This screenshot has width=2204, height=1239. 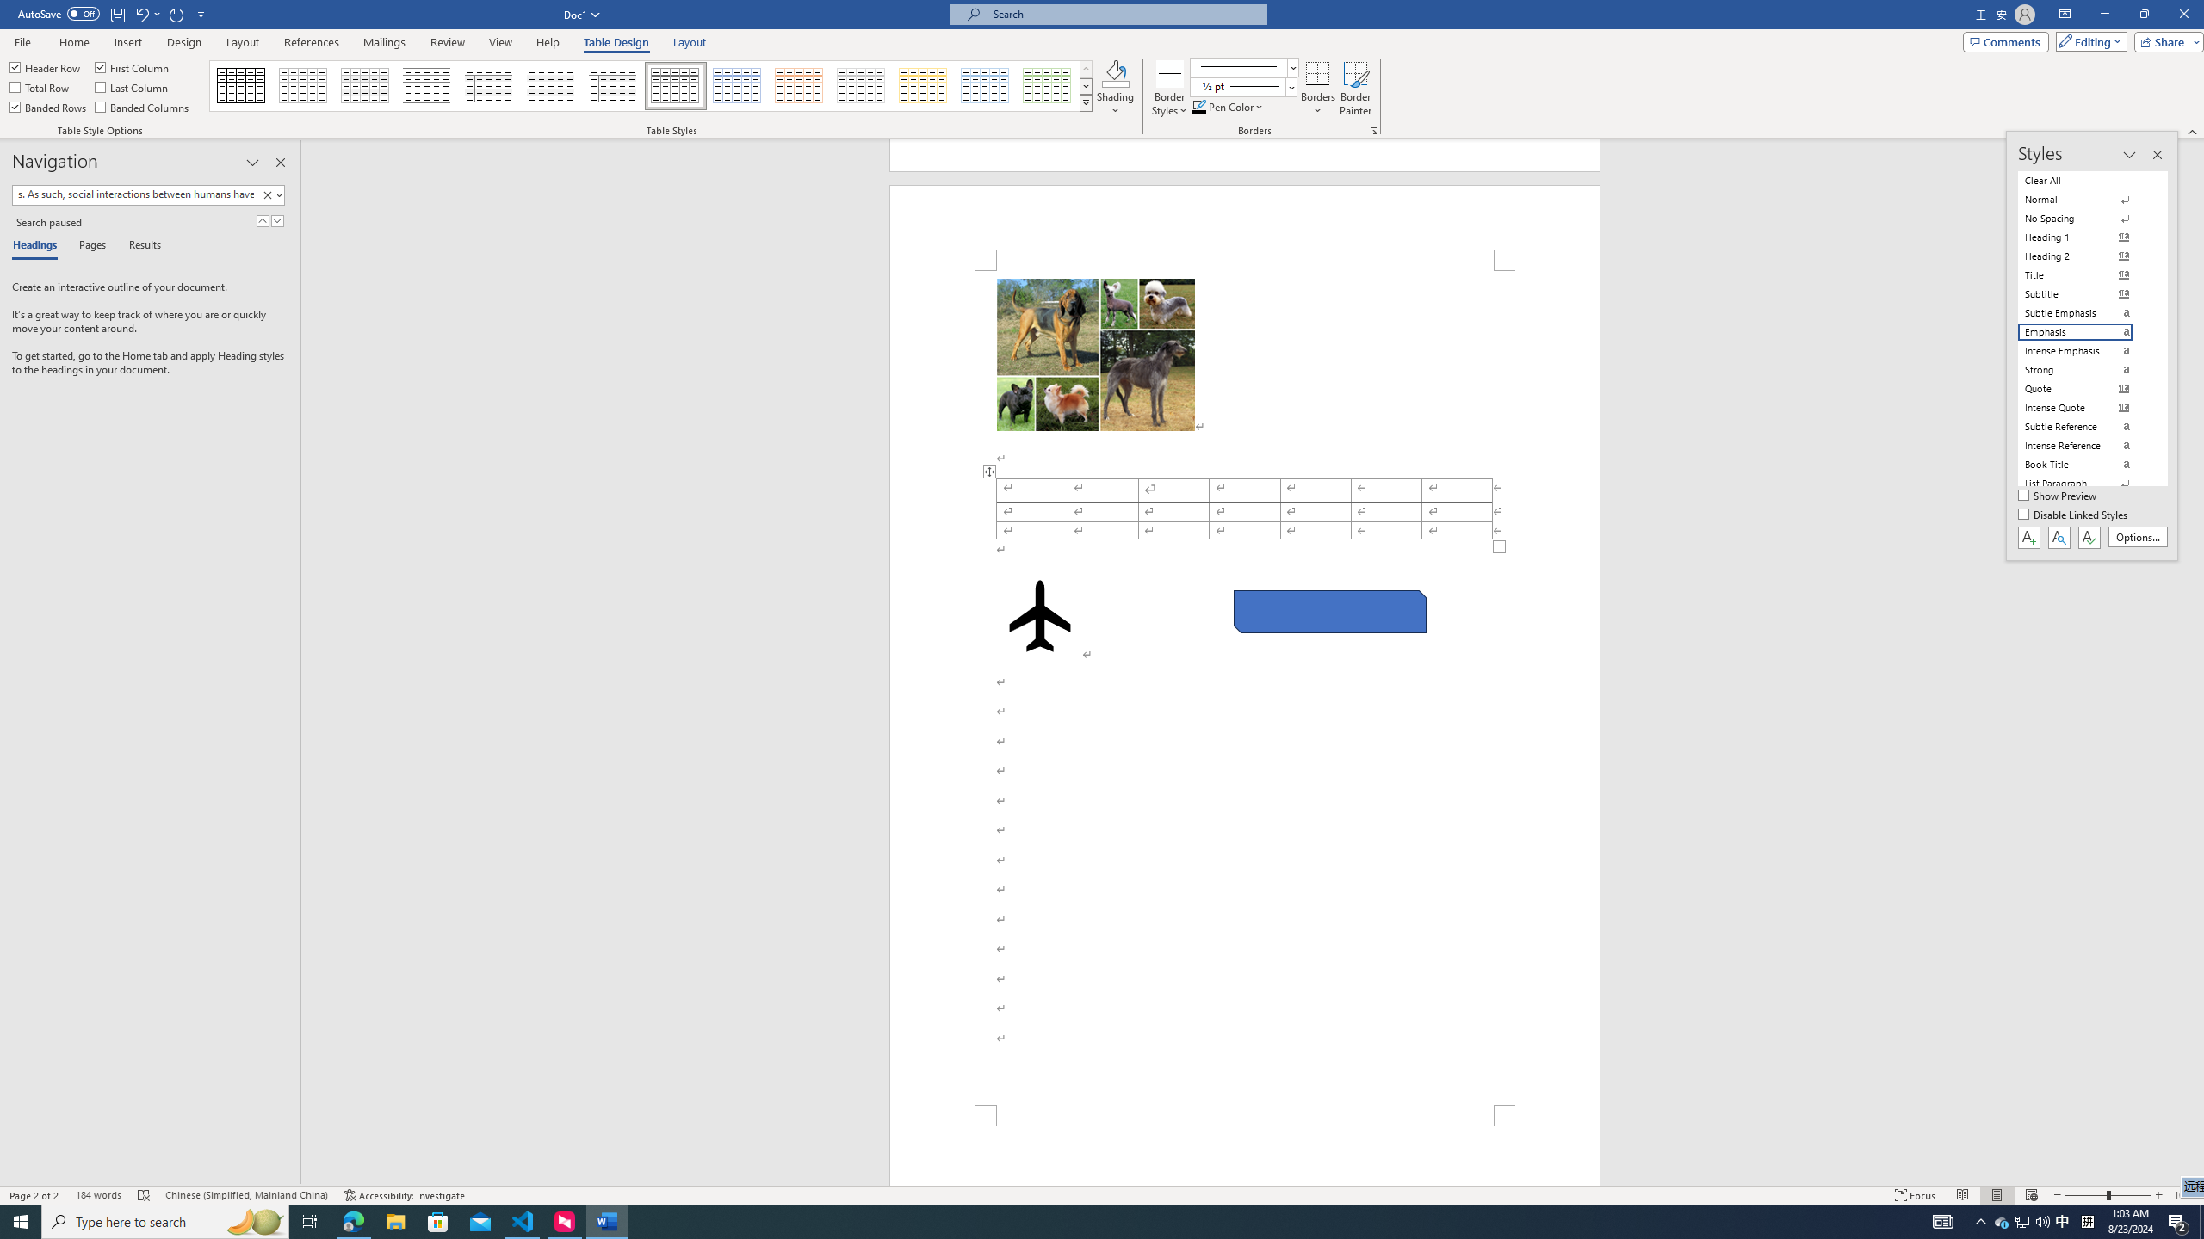 What do you see at coordinates (2107, 1195) in the screenshot?
I see `'Zoom'` at bounding box center [2107, 1195].